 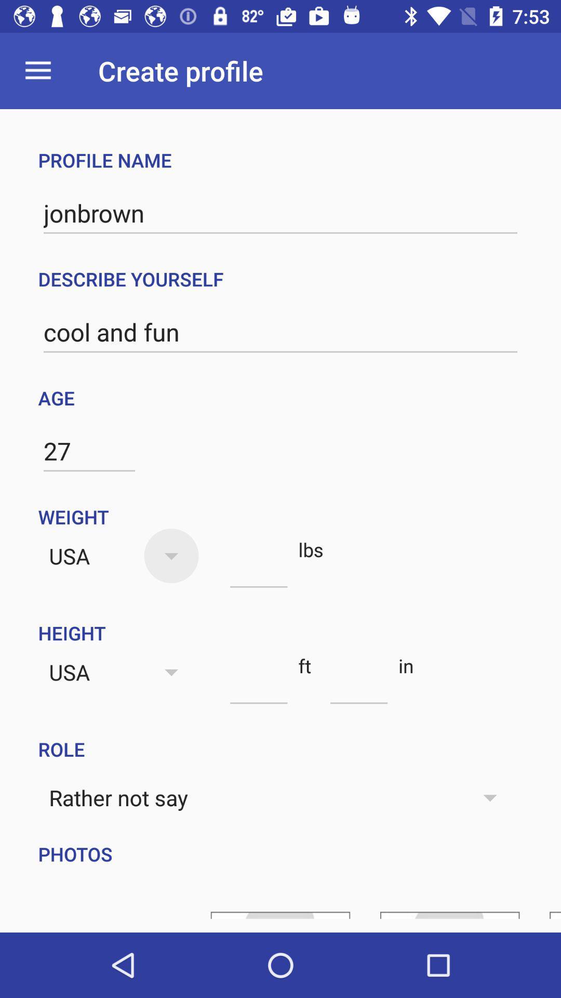 What do you see at coordinates (258, 568) in the screenshot?
I see `the item next to usa` at bounding box center [258, 568].